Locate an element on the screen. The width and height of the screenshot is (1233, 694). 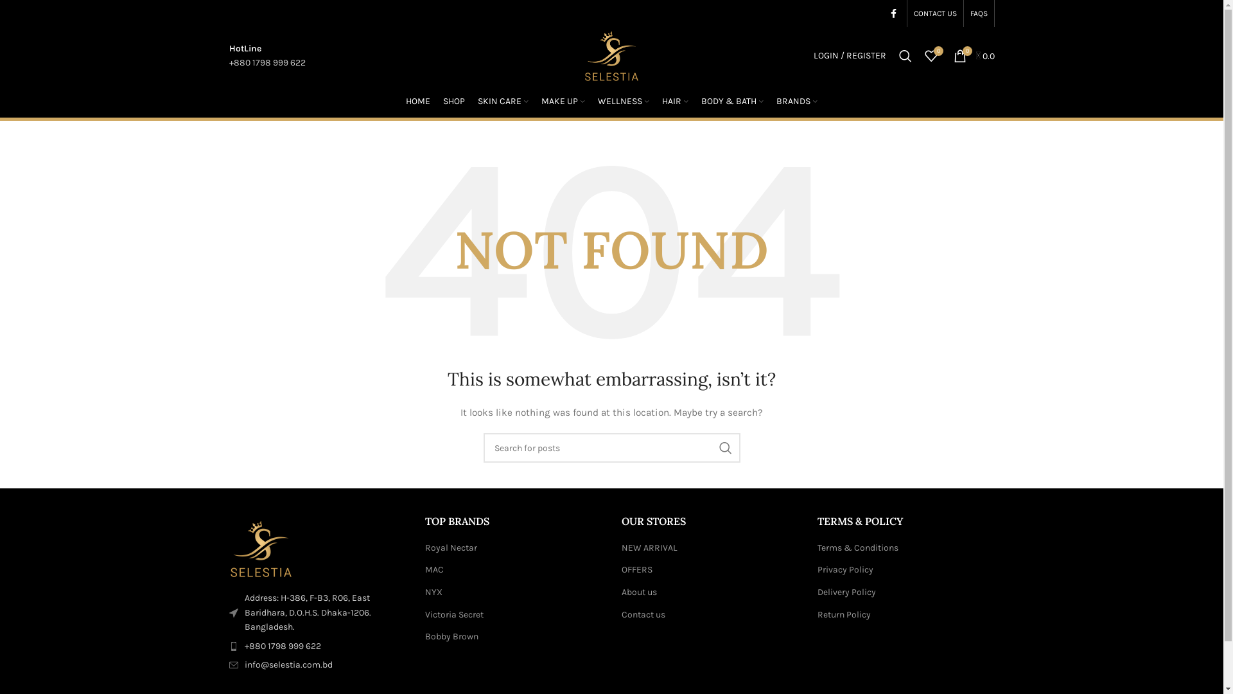
'Selestia-logo-footer1' is located at coordinates (298, 549).